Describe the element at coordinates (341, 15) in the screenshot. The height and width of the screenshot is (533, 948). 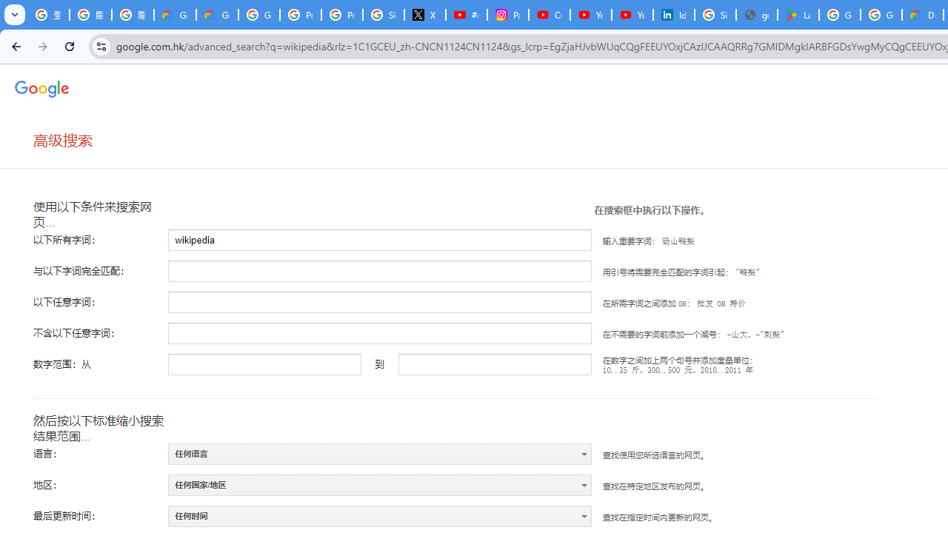
I see `'Privacy Help Center - Policies Help'` at that location.